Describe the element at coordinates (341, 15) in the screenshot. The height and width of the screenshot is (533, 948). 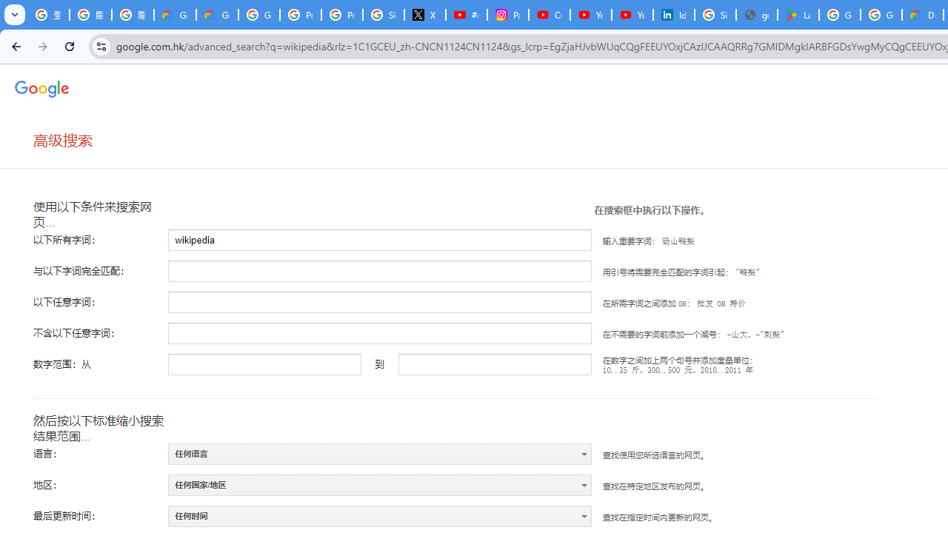
I see `'Privacy Help Center - Policies Help'` at that location.